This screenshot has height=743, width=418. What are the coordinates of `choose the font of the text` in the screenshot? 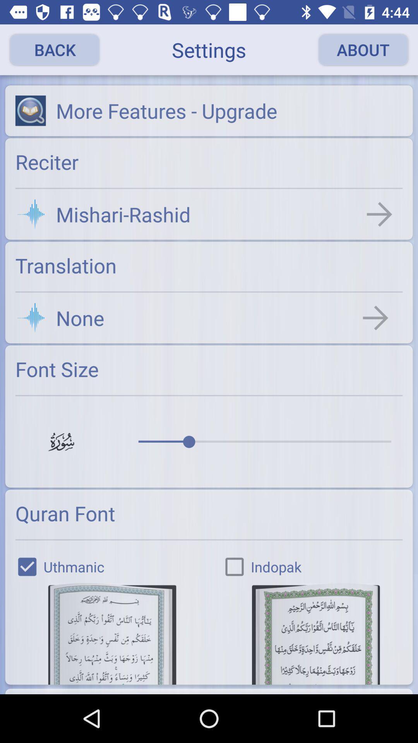 It's located at (316, 633).